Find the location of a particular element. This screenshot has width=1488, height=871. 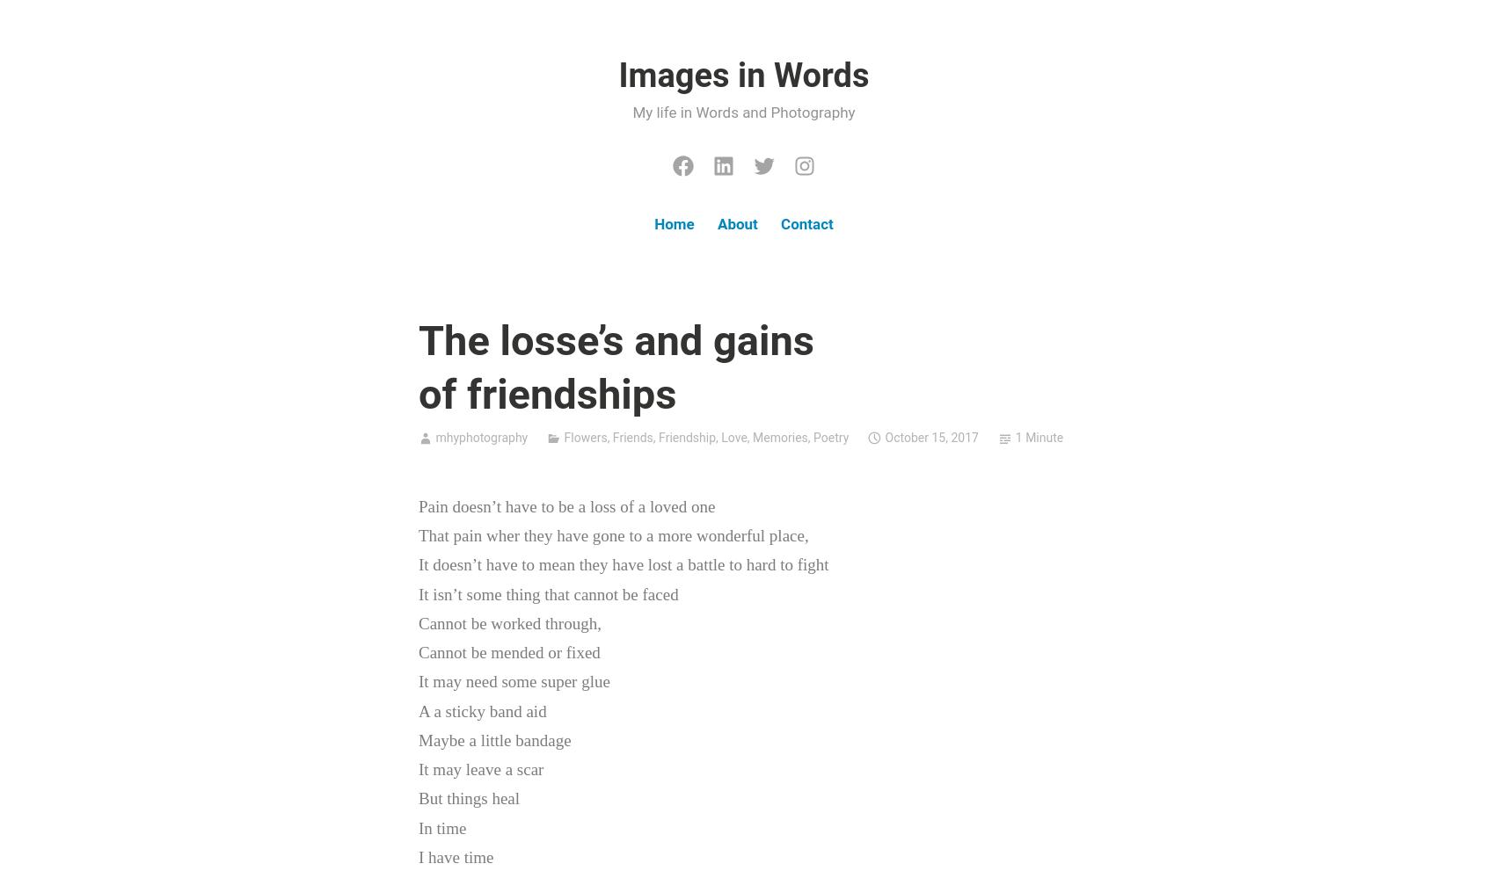

'It may leave a scar' is located at coordinates (481, 769).